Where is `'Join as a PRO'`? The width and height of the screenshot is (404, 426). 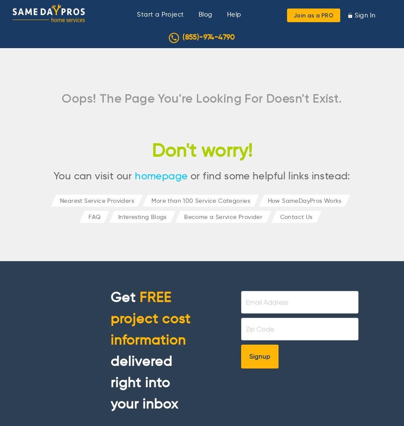
'Join as a PRO' is located at coordinates (313, 15).